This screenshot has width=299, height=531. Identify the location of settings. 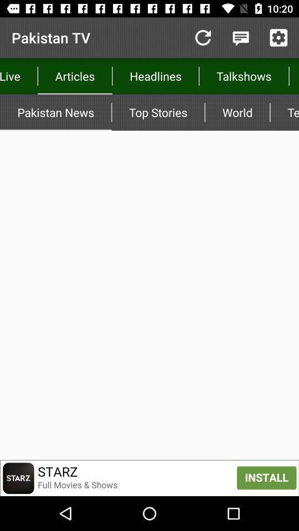
(278, 38).